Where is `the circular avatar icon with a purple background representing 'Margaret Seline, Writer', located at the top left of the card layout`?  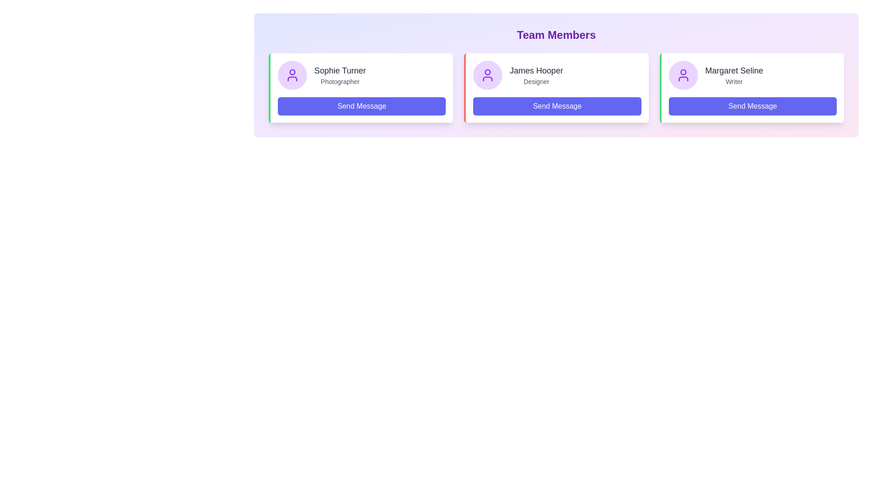
the circular avatar icon with a purple background representing 'Margaret Seline, Writer', located at the top left of the card layout is located at coordinates (683, 75).